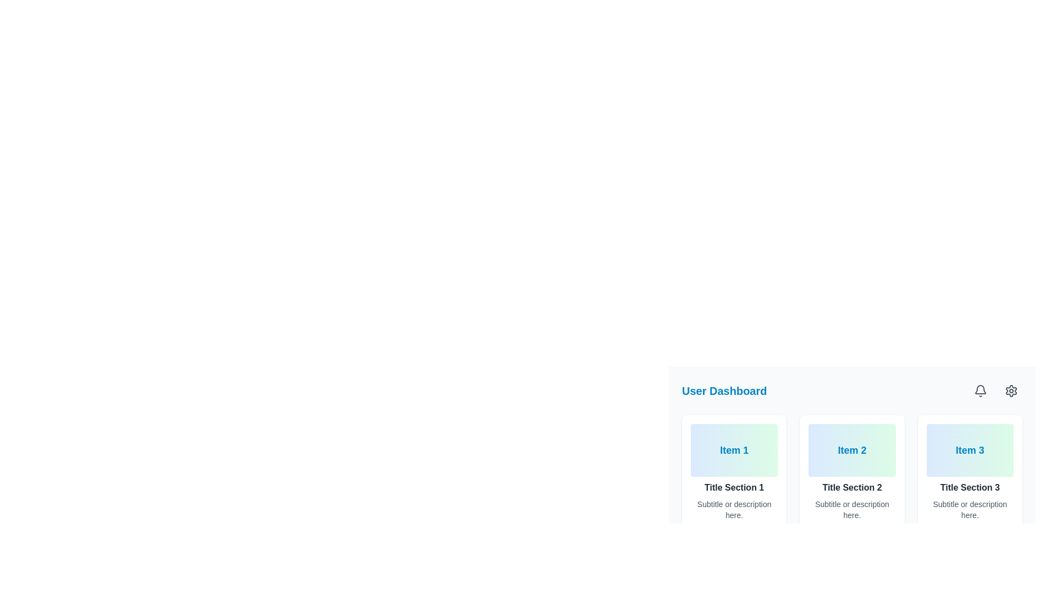 The image size is (1056, 594). I want to click on the bell icon located at the top-right corner of the dashboard interface, so click(980, 390).